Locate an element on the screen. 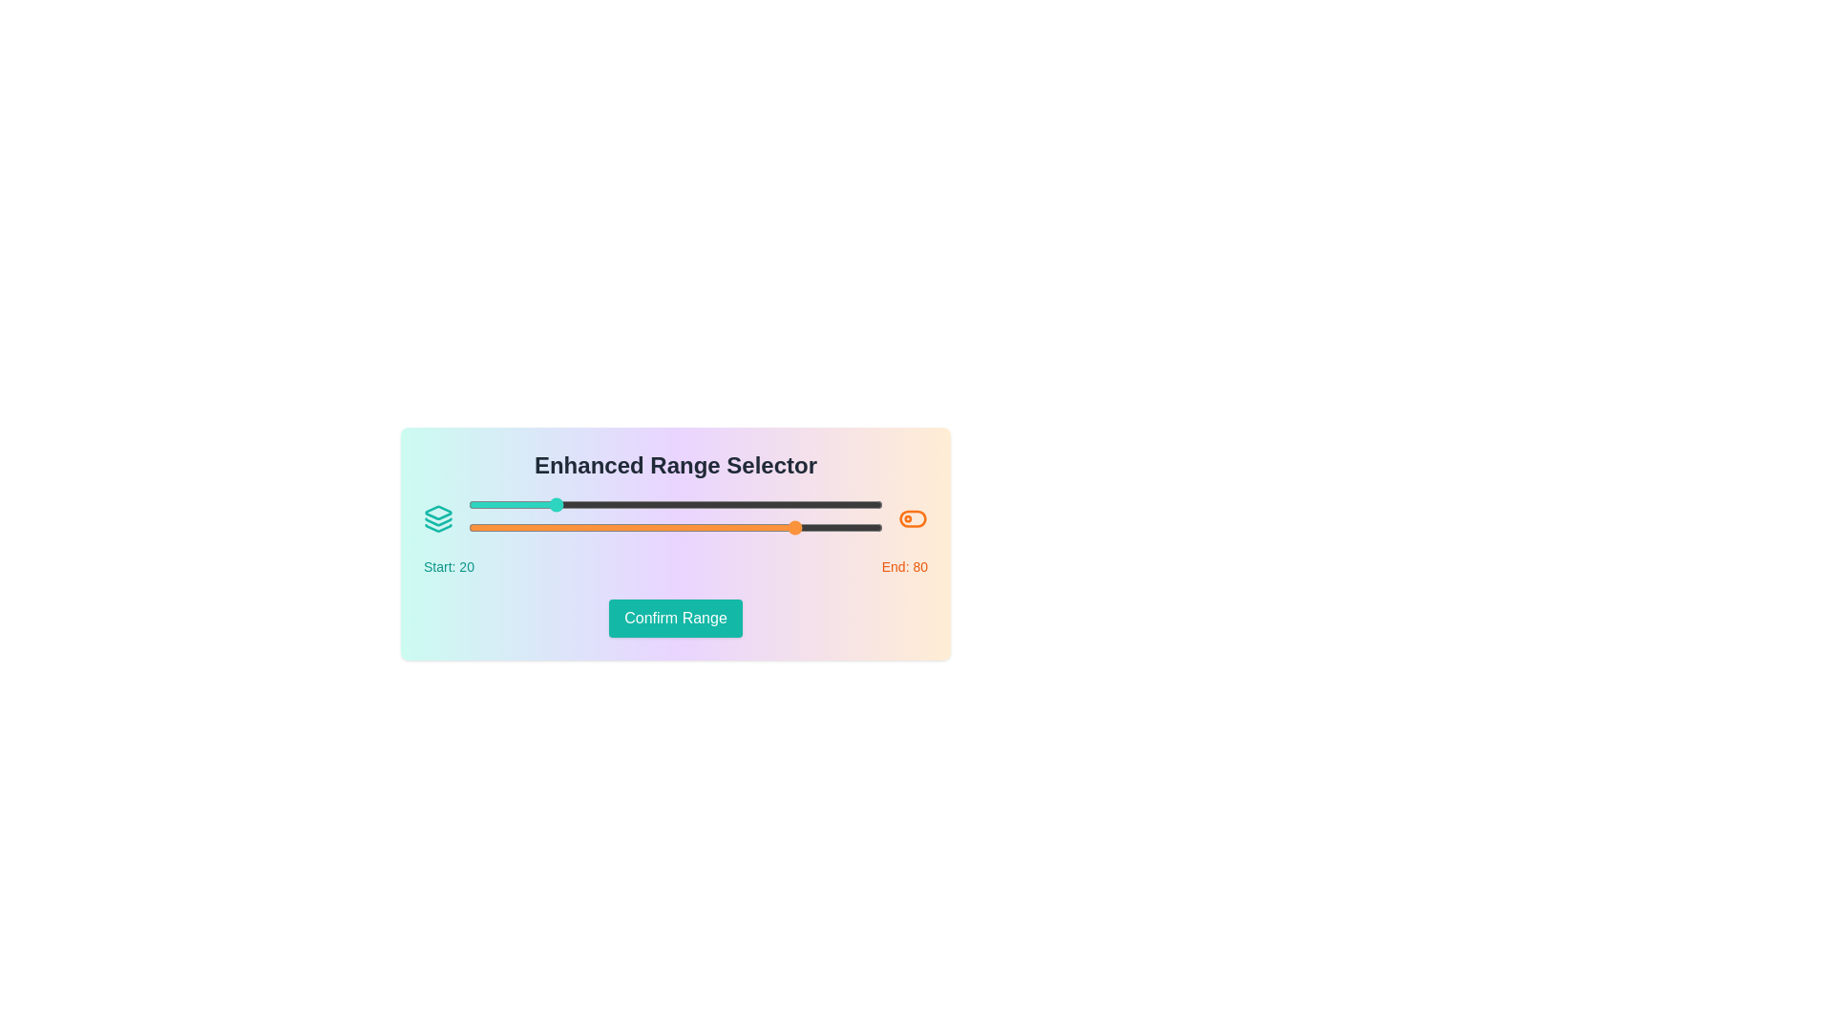 The width and height of the screenshot is (1833, 1031). the topmost triangular icon element representing layers in the top-left corner of the interface is located at coordinates (437, 512).